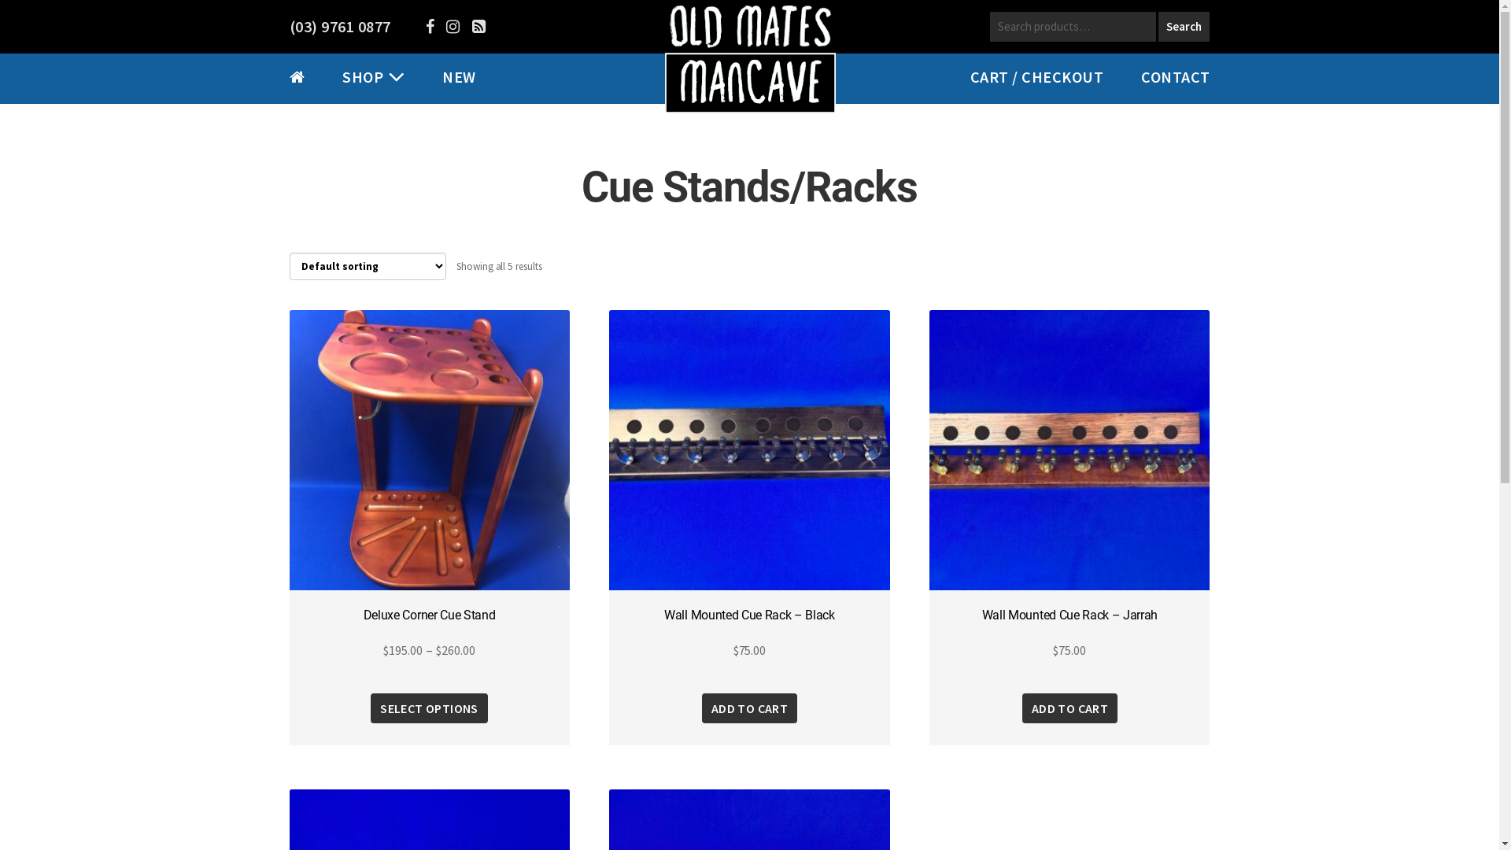 This screenshot has height=850, width=1511. I want to click on '(03) 9761 0877', so click(339, 26).